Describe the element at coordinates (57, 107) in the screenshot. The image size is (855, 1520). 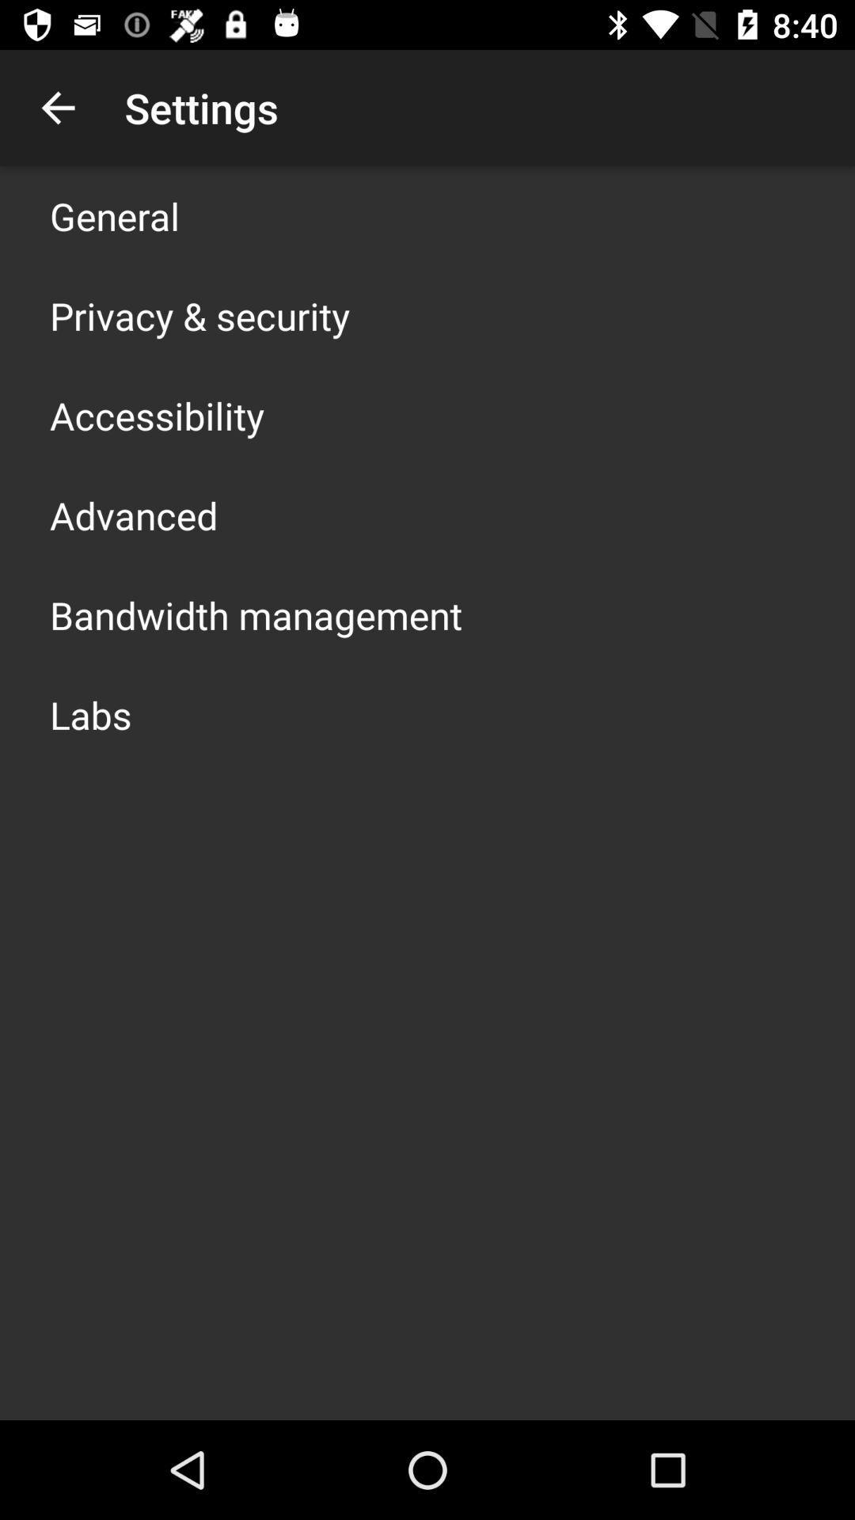
I see `app next to the settings item` at that location.